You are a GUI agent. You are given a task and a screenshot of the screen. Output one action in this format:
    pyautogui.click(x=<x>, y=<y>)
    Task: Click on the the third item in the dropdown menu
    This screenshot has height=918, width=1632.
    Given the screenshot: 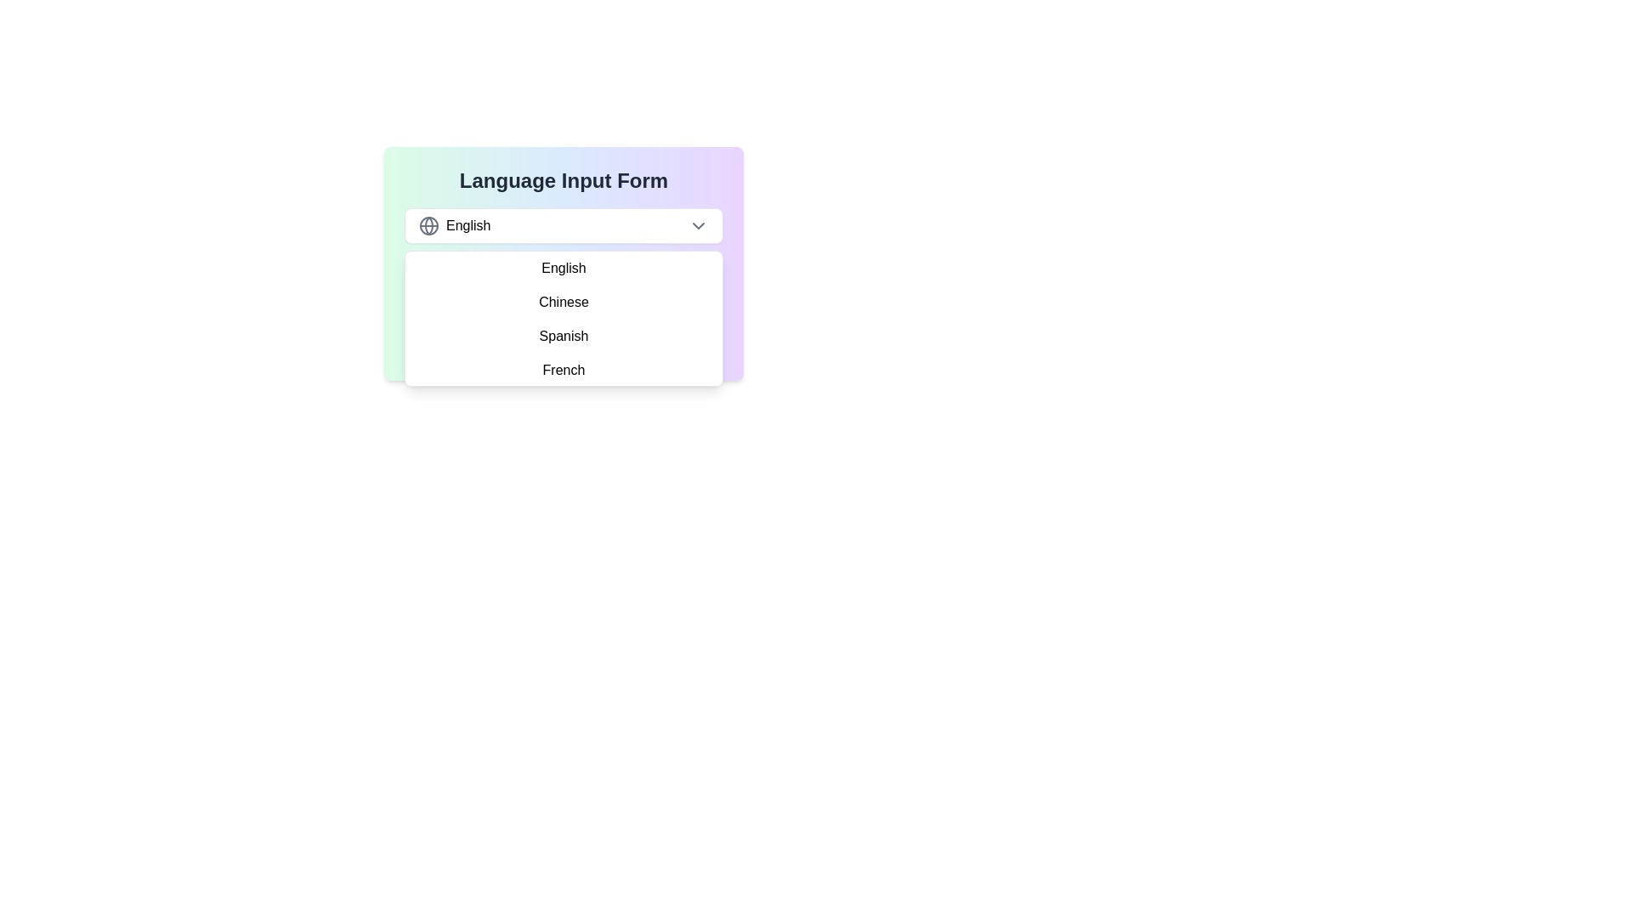 What is the action you would take?
    pyautogui.click(x=564, y=337)
    